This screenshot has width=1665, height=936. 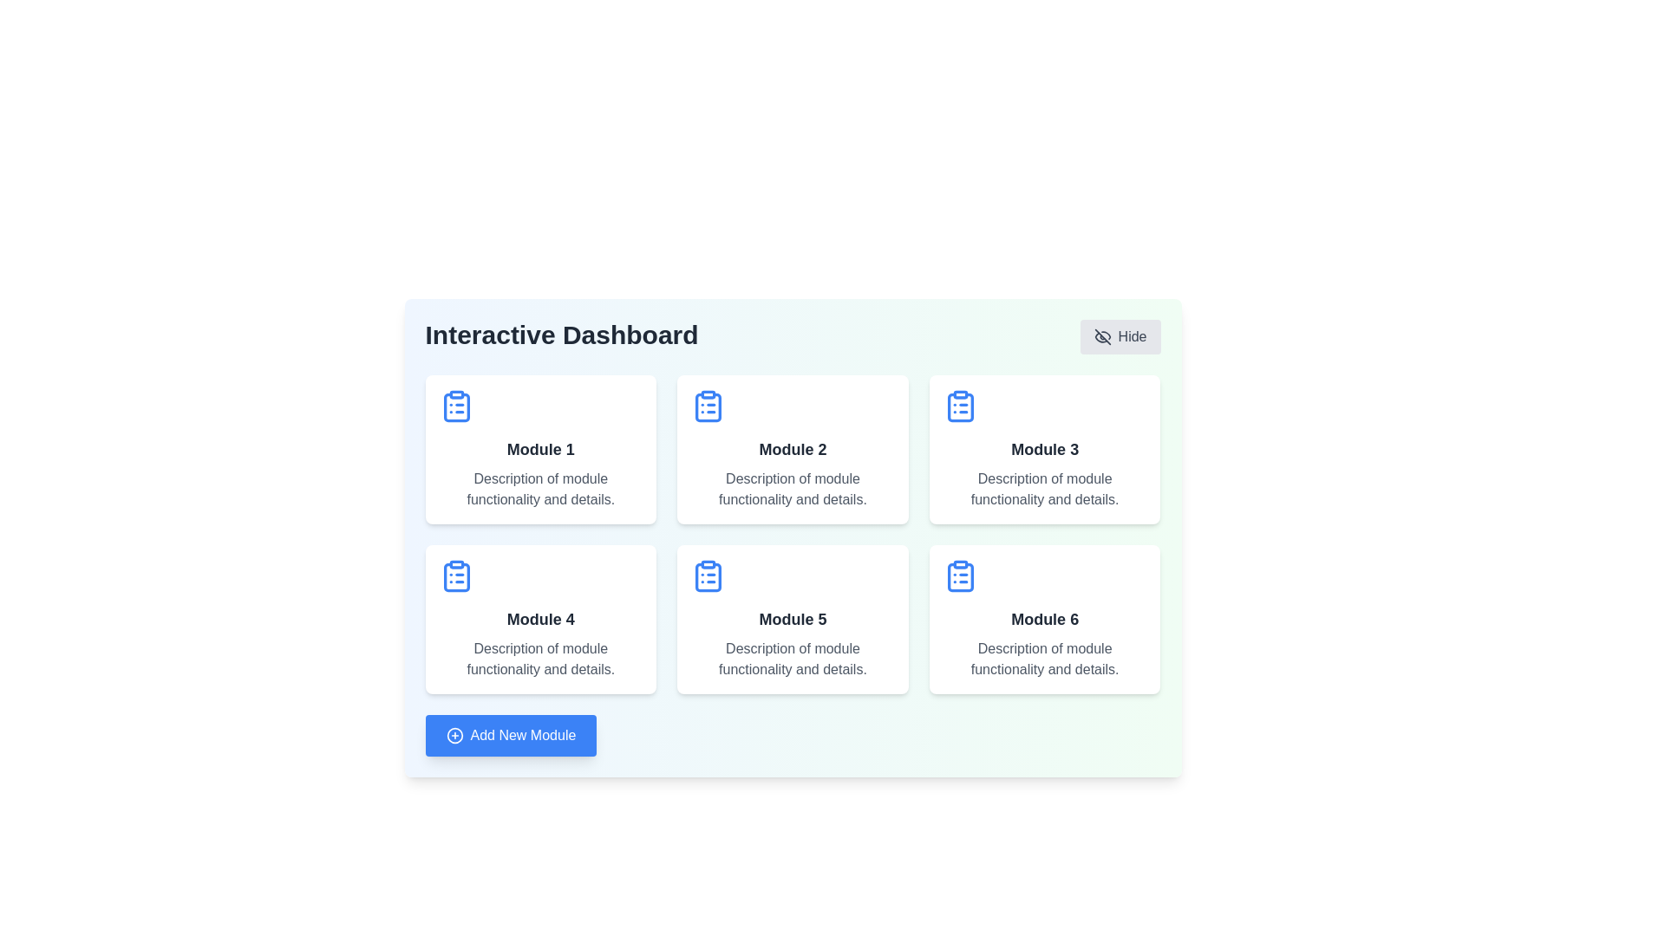 What do you see at coordinates (959, 575) in the screenshot?
I see `the clipboard icon with a checklist located at the top of the 'Module 6' card, positioned to the left of the card's title` at bounding box center [959, 575].